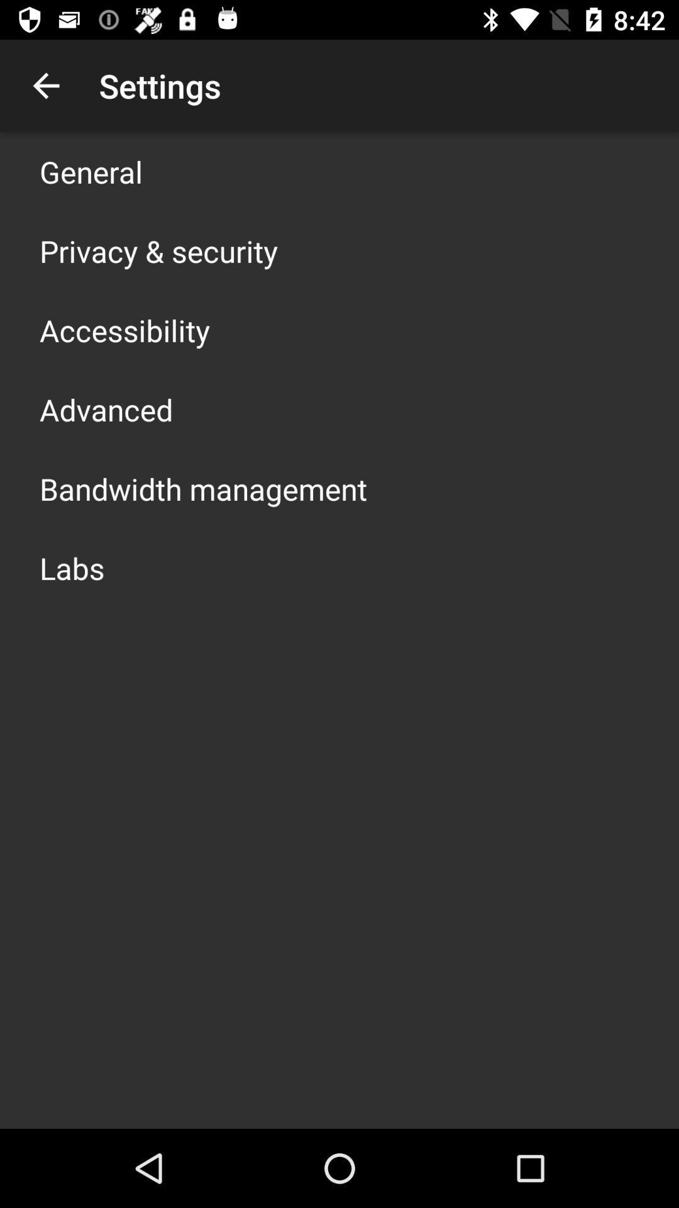 Image resolution: width=679 pixels, height=1208 pixels. What do you see at coordinates (124, 330) in the screenshot?
I see `item above advanced app` at bounding box center [124, 330].